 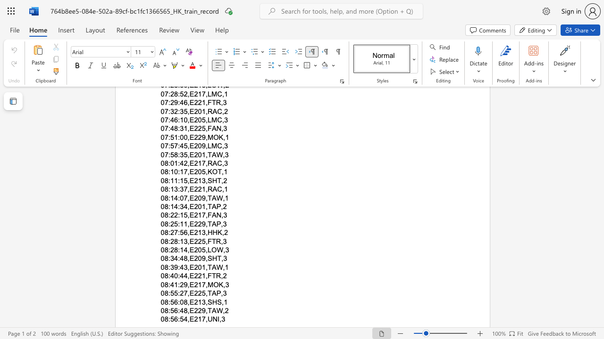 What do you see at coordinates (204, 224) in the screenshot?
I see `the space between the continuous character "9" and "," in the text` at bounding box center [204, 224].